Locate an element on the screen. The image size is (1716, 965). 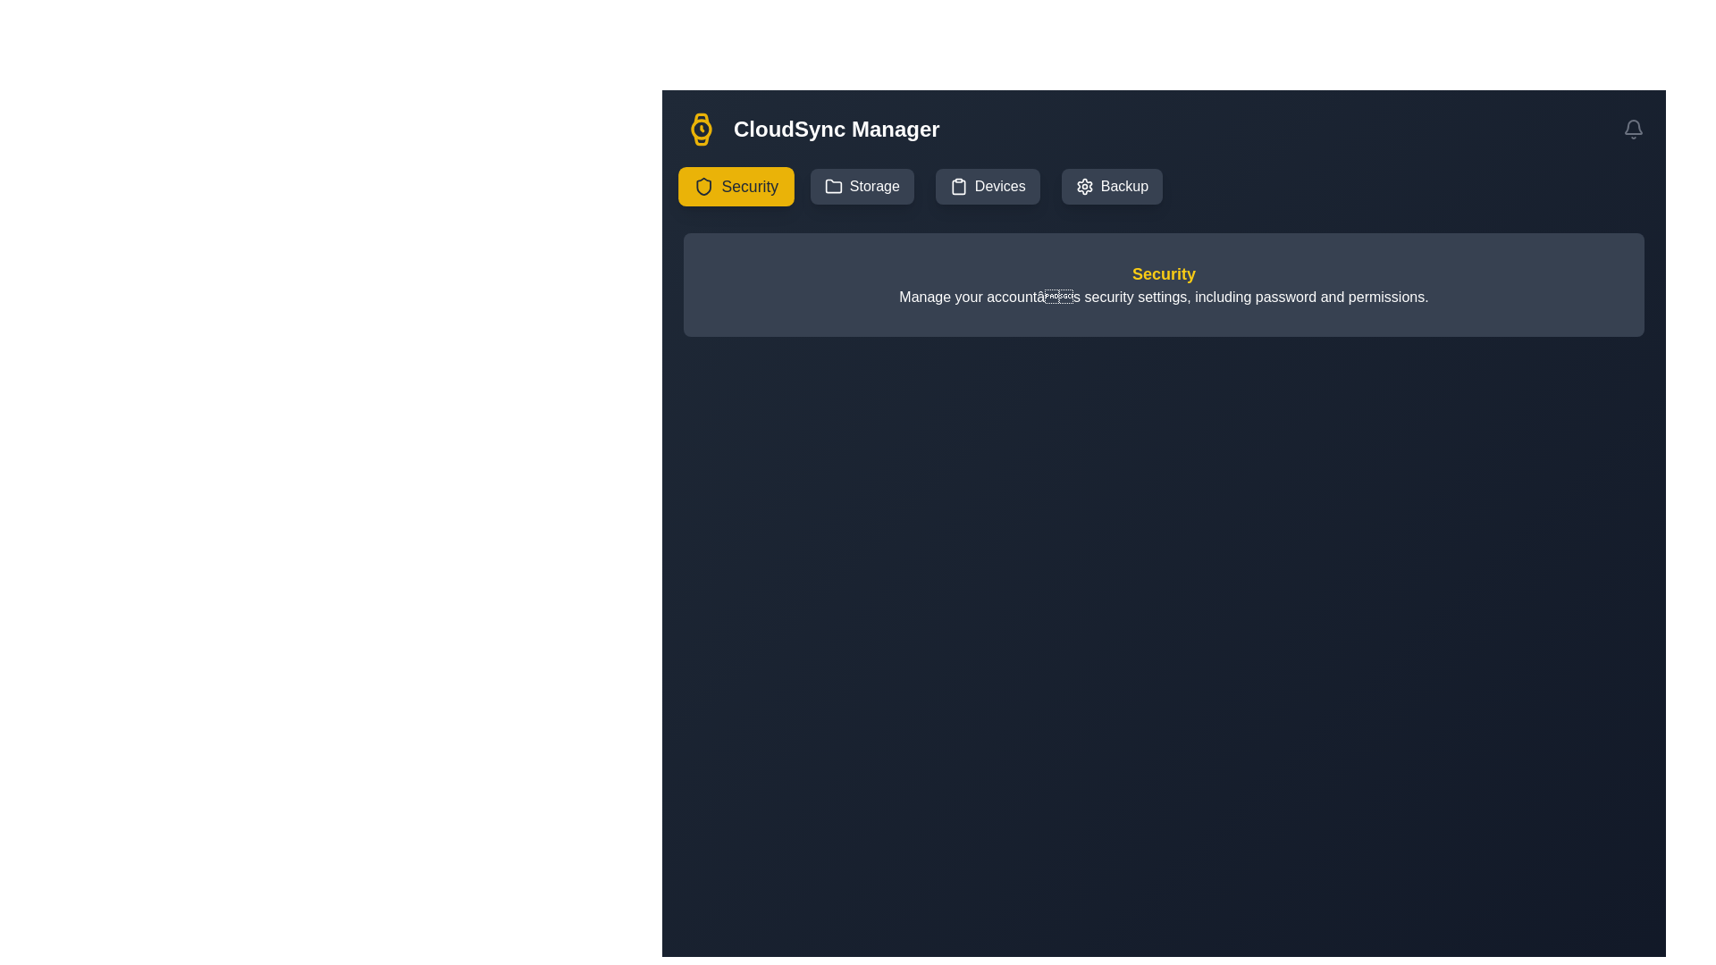
the folder icon representing the 'Storage' button, which is the second icon in the horizontal arrangement of buttons is located at coordinates (832, 186).